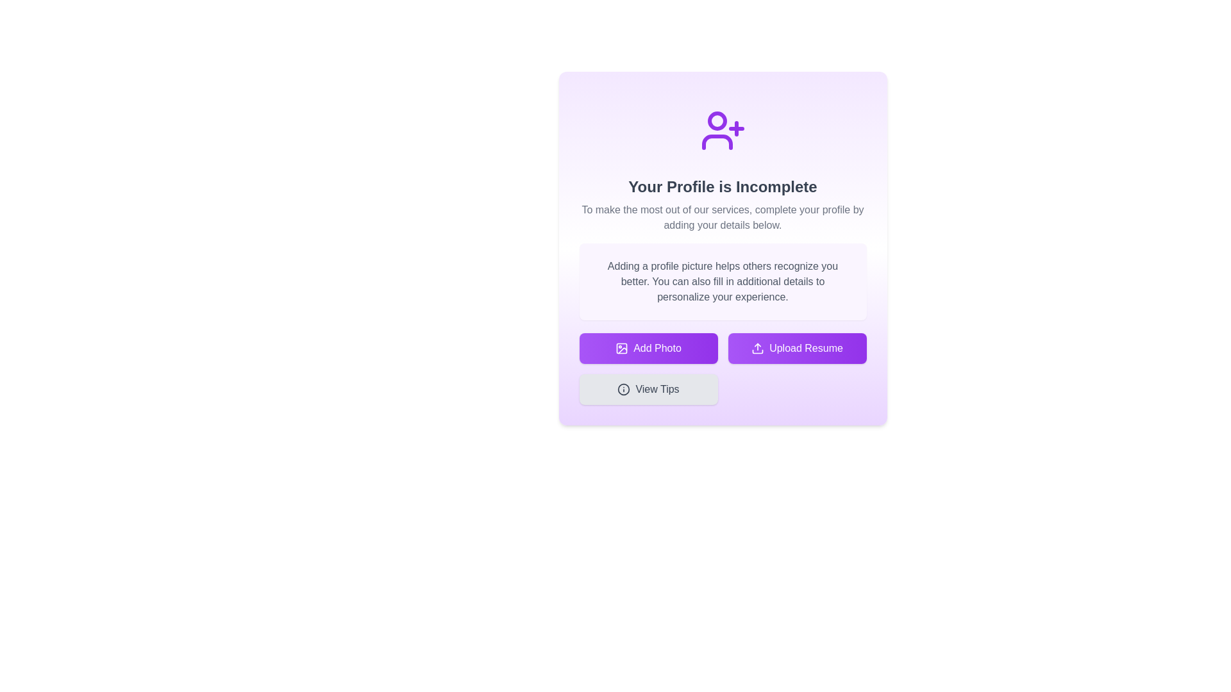 This screenshot has width=1231, height=692. I want to click on the icon that visually represents the action of uploading or adding a photo, which is located to the left of the 'Add Photo' button's text, so click(622, 348).